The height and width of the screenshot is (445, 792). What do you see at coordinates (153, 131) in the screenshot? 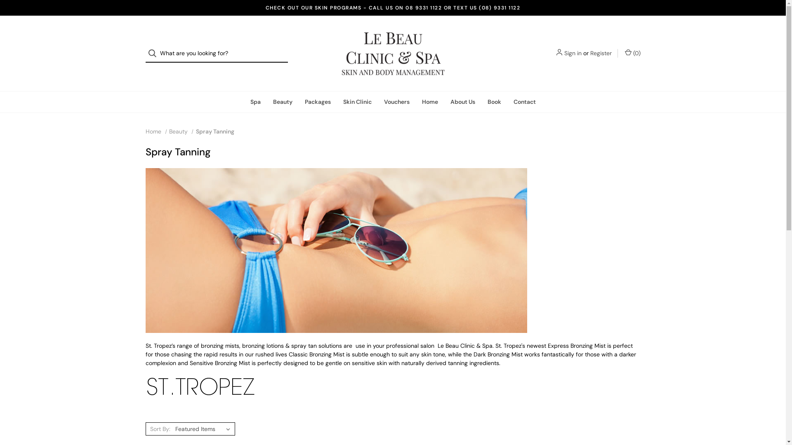
I see `'Home'` at bounding box center [153, 131].